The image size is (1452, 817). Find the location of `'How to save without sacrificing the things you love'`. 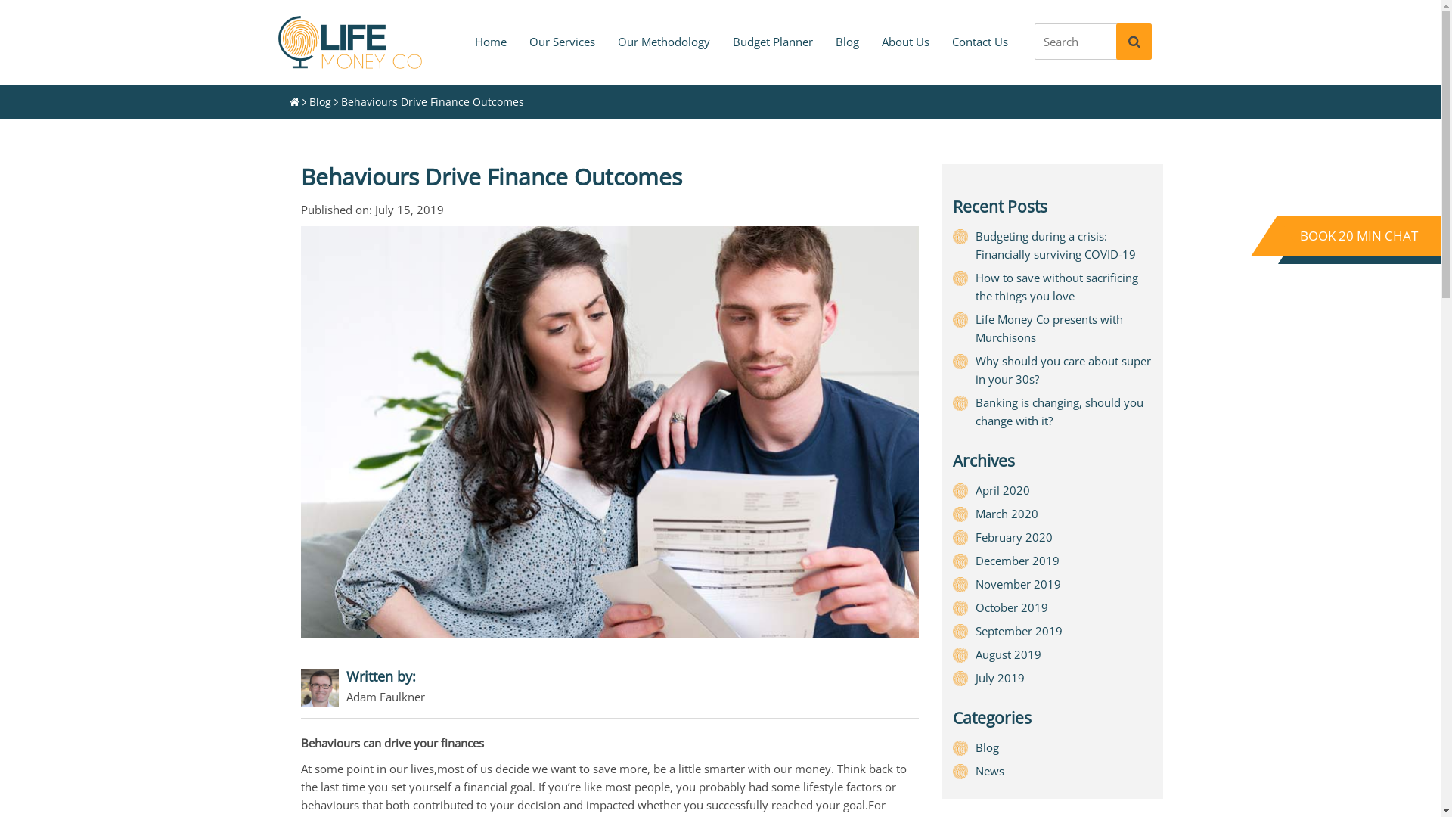

'How to save without sacrificing the things you love' is located at coordinates (976, 286).